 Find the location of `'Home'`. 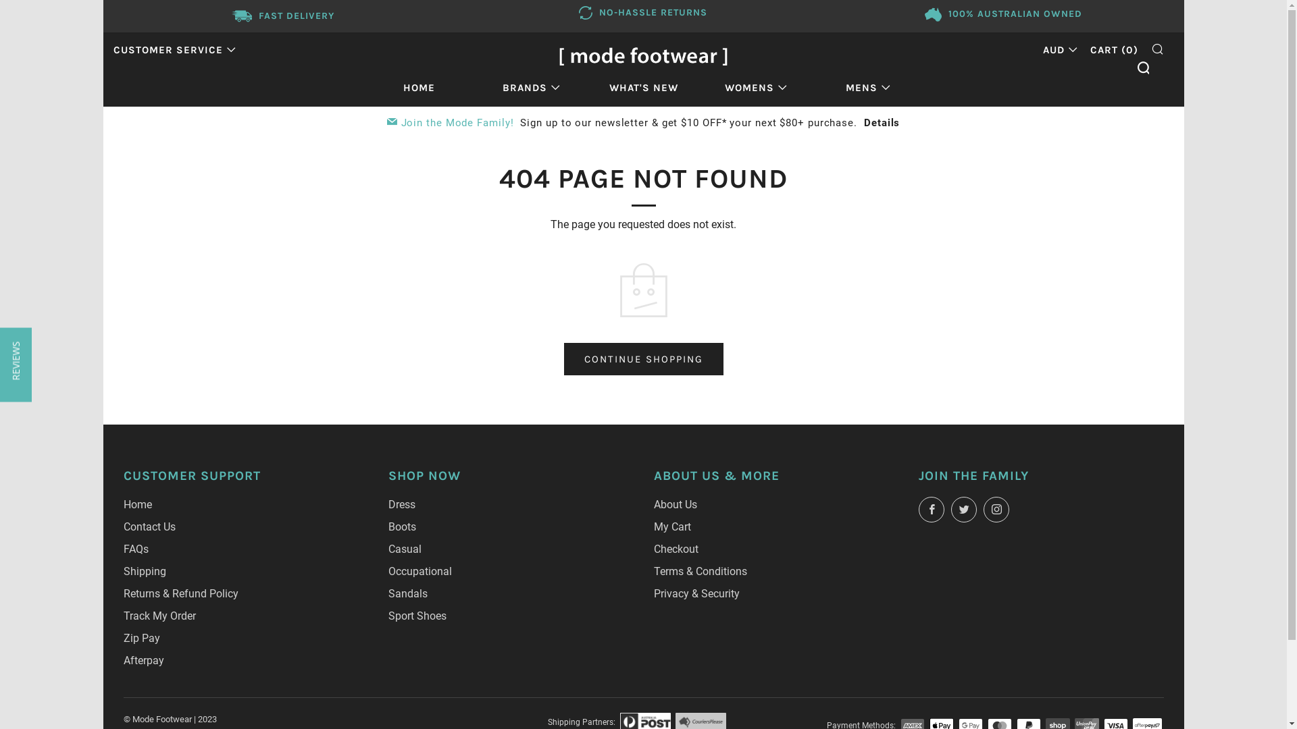

'Home' is located at coordinates (136, 504).